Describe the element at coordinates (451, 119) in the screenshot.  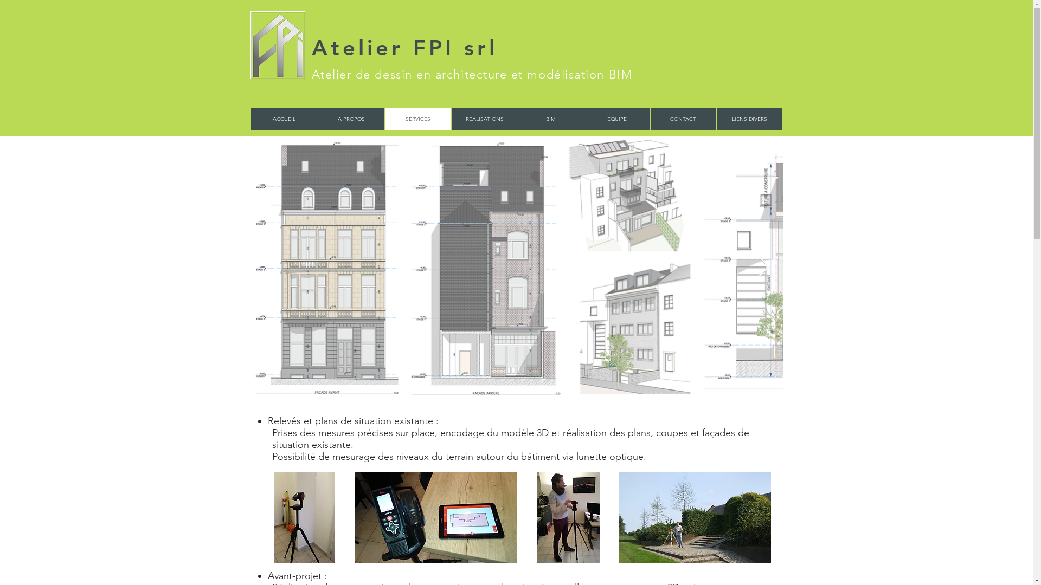
I see `'REALISATIONS'` at that location.